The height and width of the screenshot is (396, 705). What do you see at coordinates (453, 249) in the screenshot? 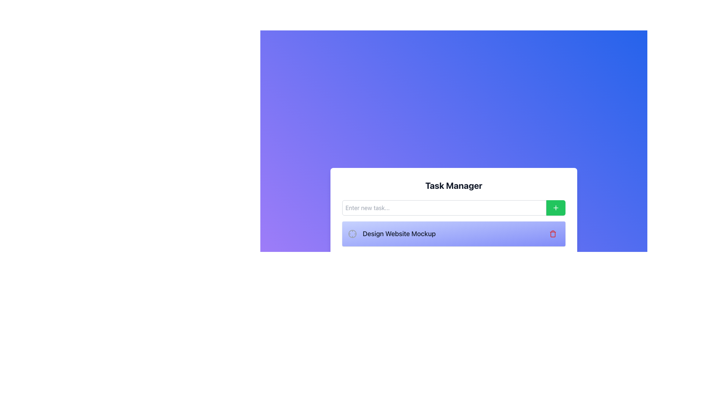
I see `the first task item in the Task Manager` at bounding box center [453, 249].